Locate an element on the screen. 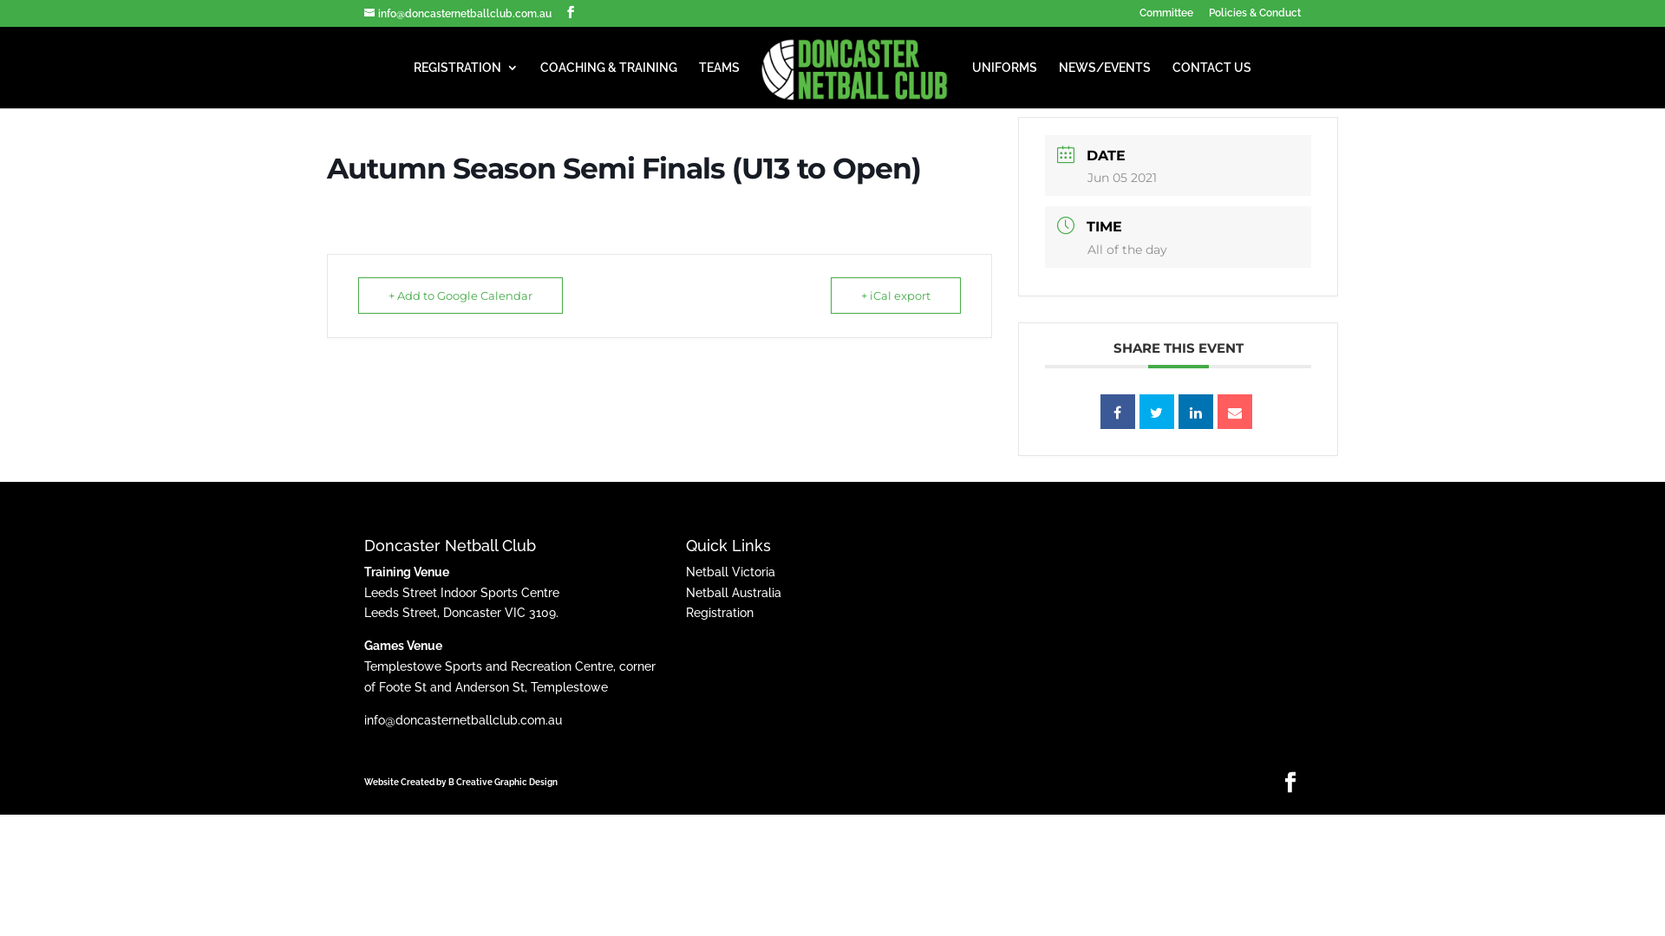 The image size is (1665, 936). 'info@doncasternetballclub.com.au' is located at coordinates (458, 13).